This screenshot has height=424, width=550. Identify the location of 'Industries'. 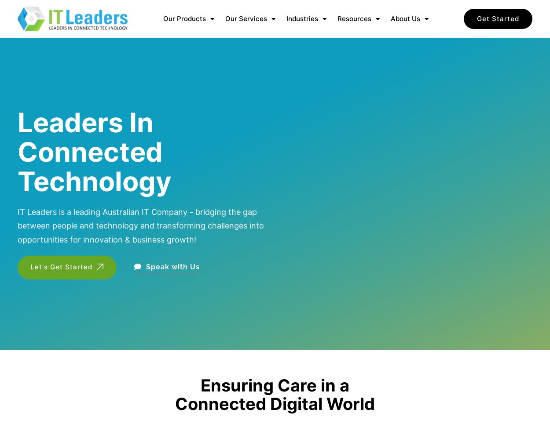
(302, 18).